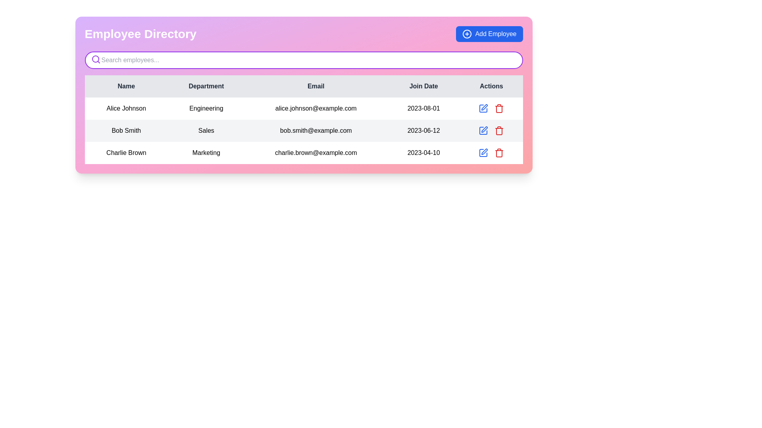 The height and width of the screenshot is (428, 762). Describe the element at coordinates (491, 86) in the screenshot. I see `the 'Actions' header text label, which is the fifth element in the table header aligned with the 'Join Date' header` at that location.